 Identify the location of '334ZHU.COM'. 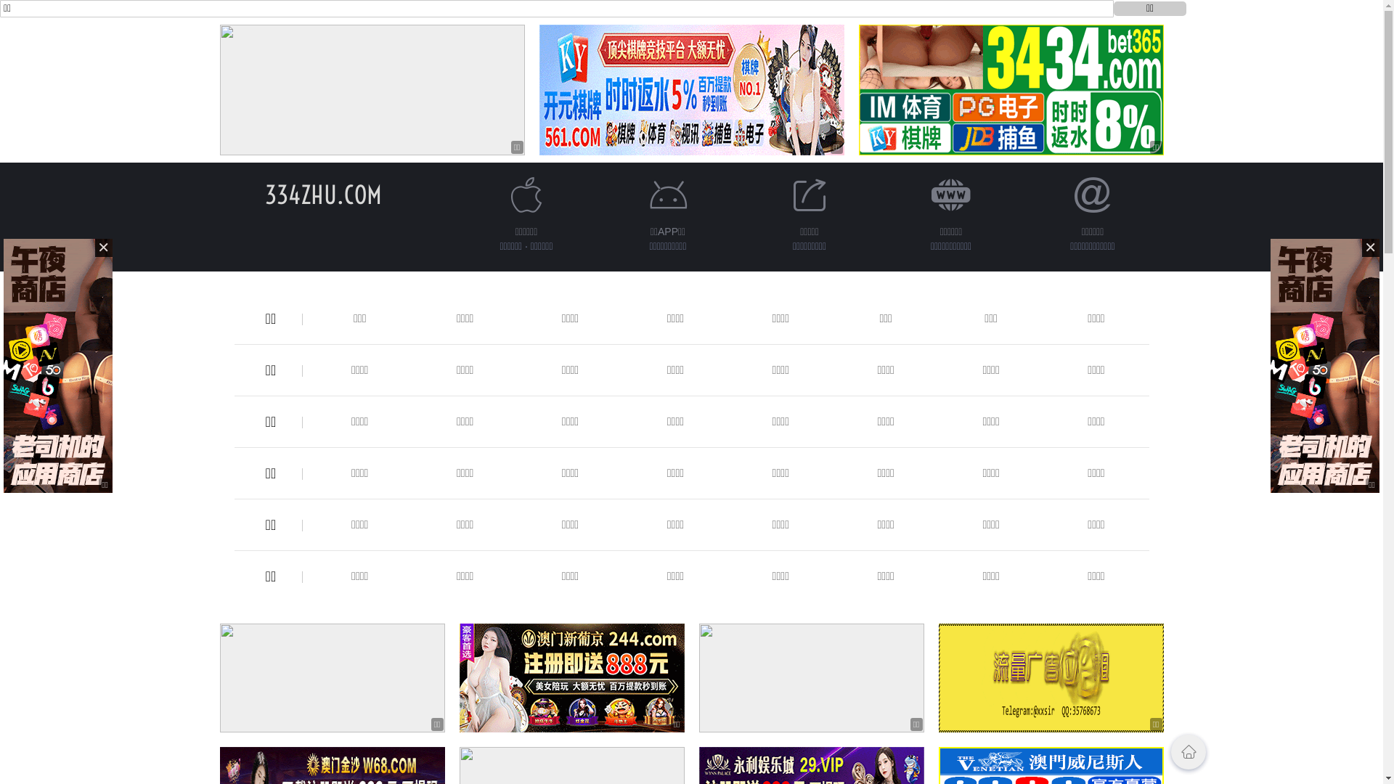
(322, 194).